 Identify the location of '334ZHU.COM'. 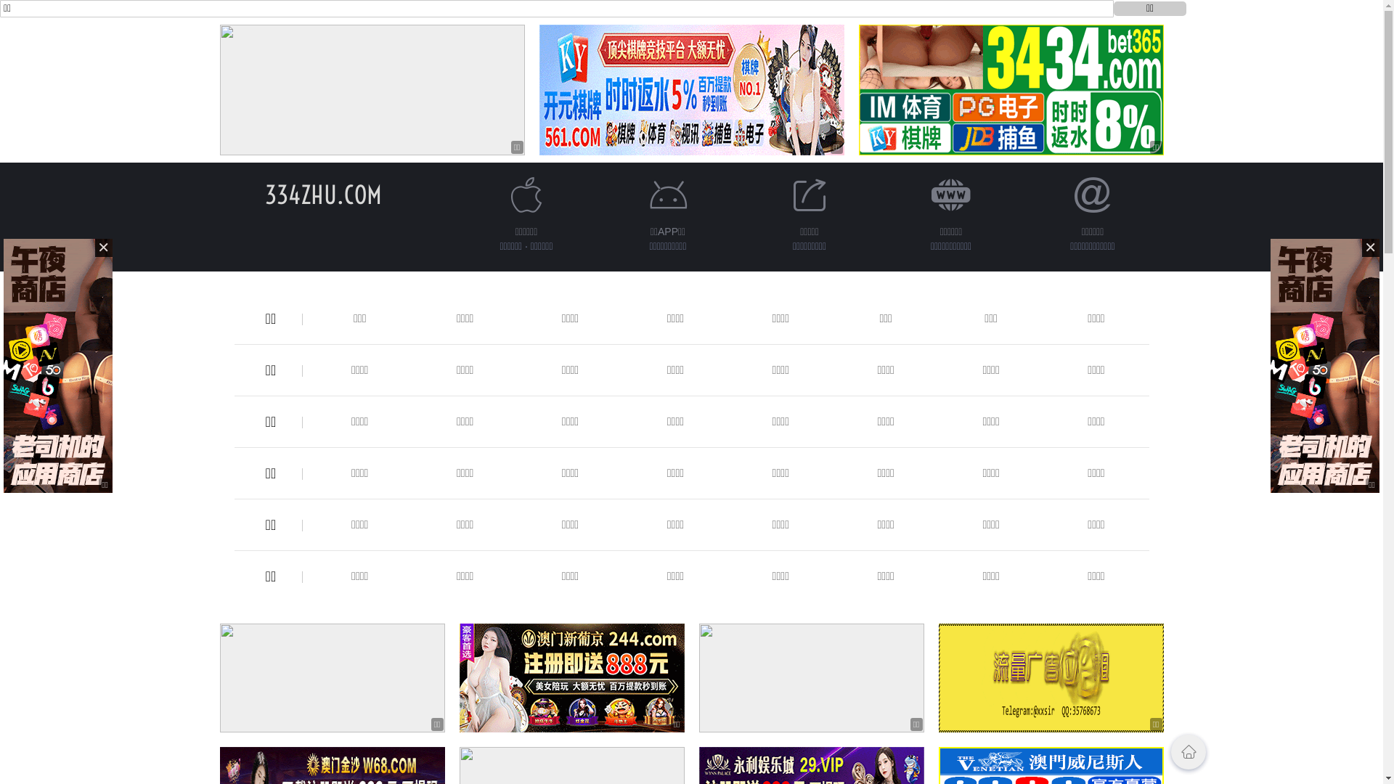
(322, 194).